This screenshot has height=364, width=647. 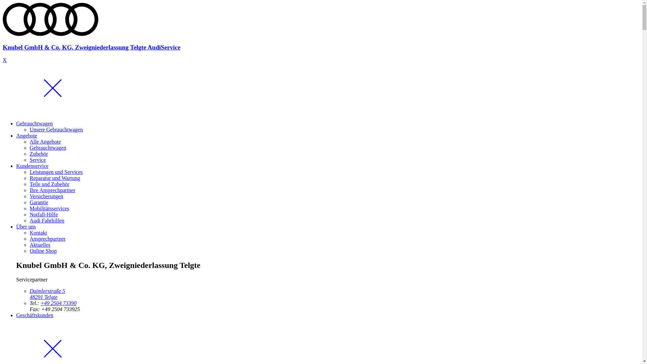 What do you see at coordinates (47, 238) in the screenshot?
I see `'Ansprechpartner'` at bounding box center [47, 238].